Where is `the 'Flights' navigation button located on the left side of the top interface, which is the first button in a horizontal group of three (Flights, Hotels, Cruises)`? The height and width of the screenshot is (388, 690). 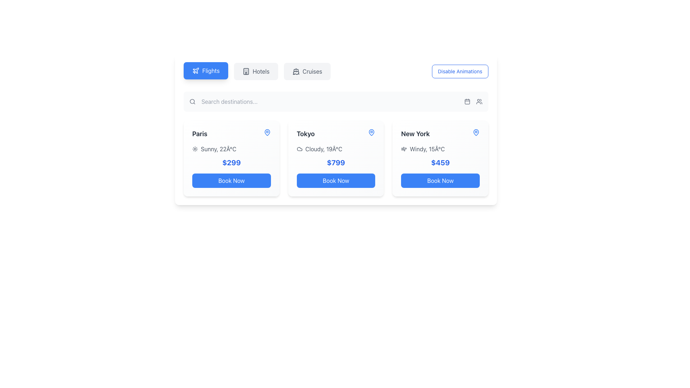 the 'Flights' navigation button located on the left side of the top interface, which is the first button in a horizontal group of three (Flights, Hotels, Cruises) is located at coordinates (206, 70).